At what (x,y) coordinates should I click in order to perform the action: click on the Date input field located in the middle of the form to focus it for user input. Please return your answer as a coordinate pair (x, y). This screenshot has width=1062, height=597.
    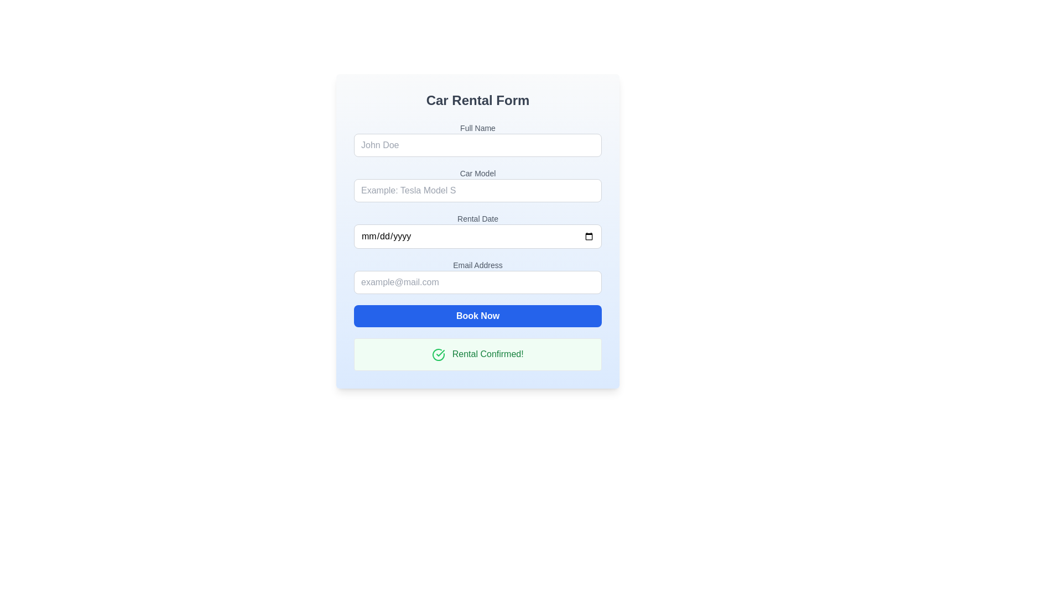
    Looking at the image, I should click on (478, 230).